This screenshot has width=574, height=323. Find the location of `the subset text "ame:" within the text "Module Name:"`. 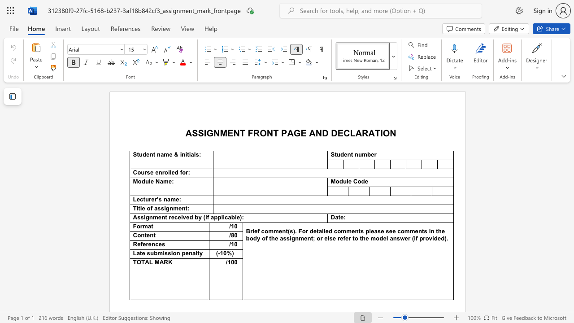

the subset text "ame:" within the text "Module Name:" is located at coordinates (160, 182).